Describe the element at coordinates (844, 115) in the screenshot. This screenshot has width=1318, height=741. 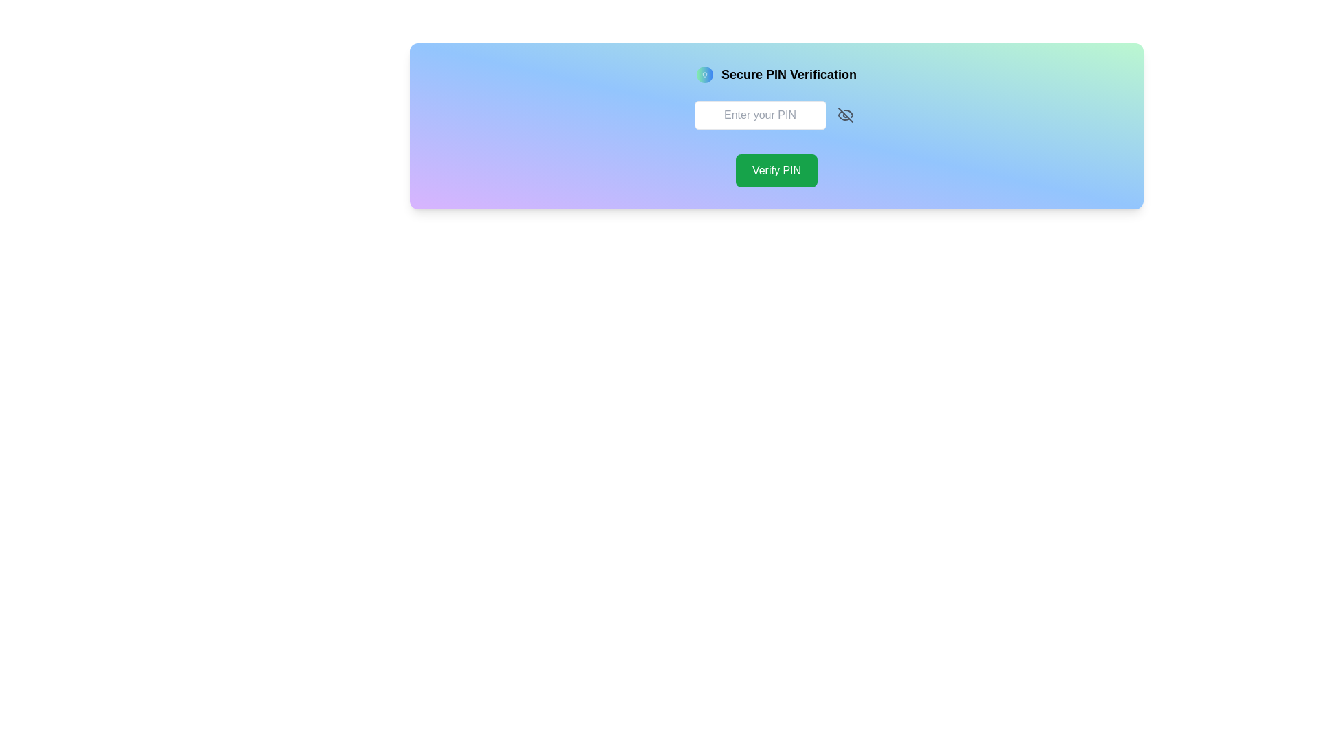
I see `the Toggle visibility icon, which is represented by an eye with a slash through it, located directly to the right of the 'Enter your PIN' input field` at that location.